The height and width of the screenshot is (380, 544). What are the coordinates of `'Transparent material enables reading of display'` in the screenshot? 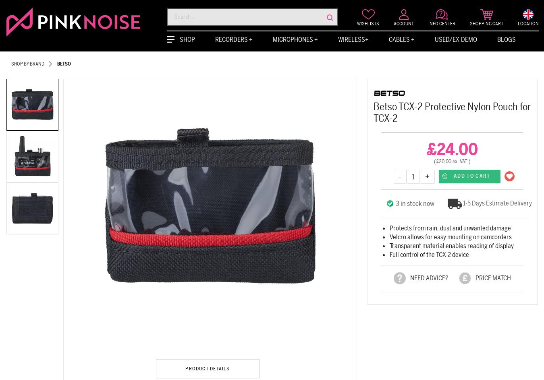 It's located at (451, 245).